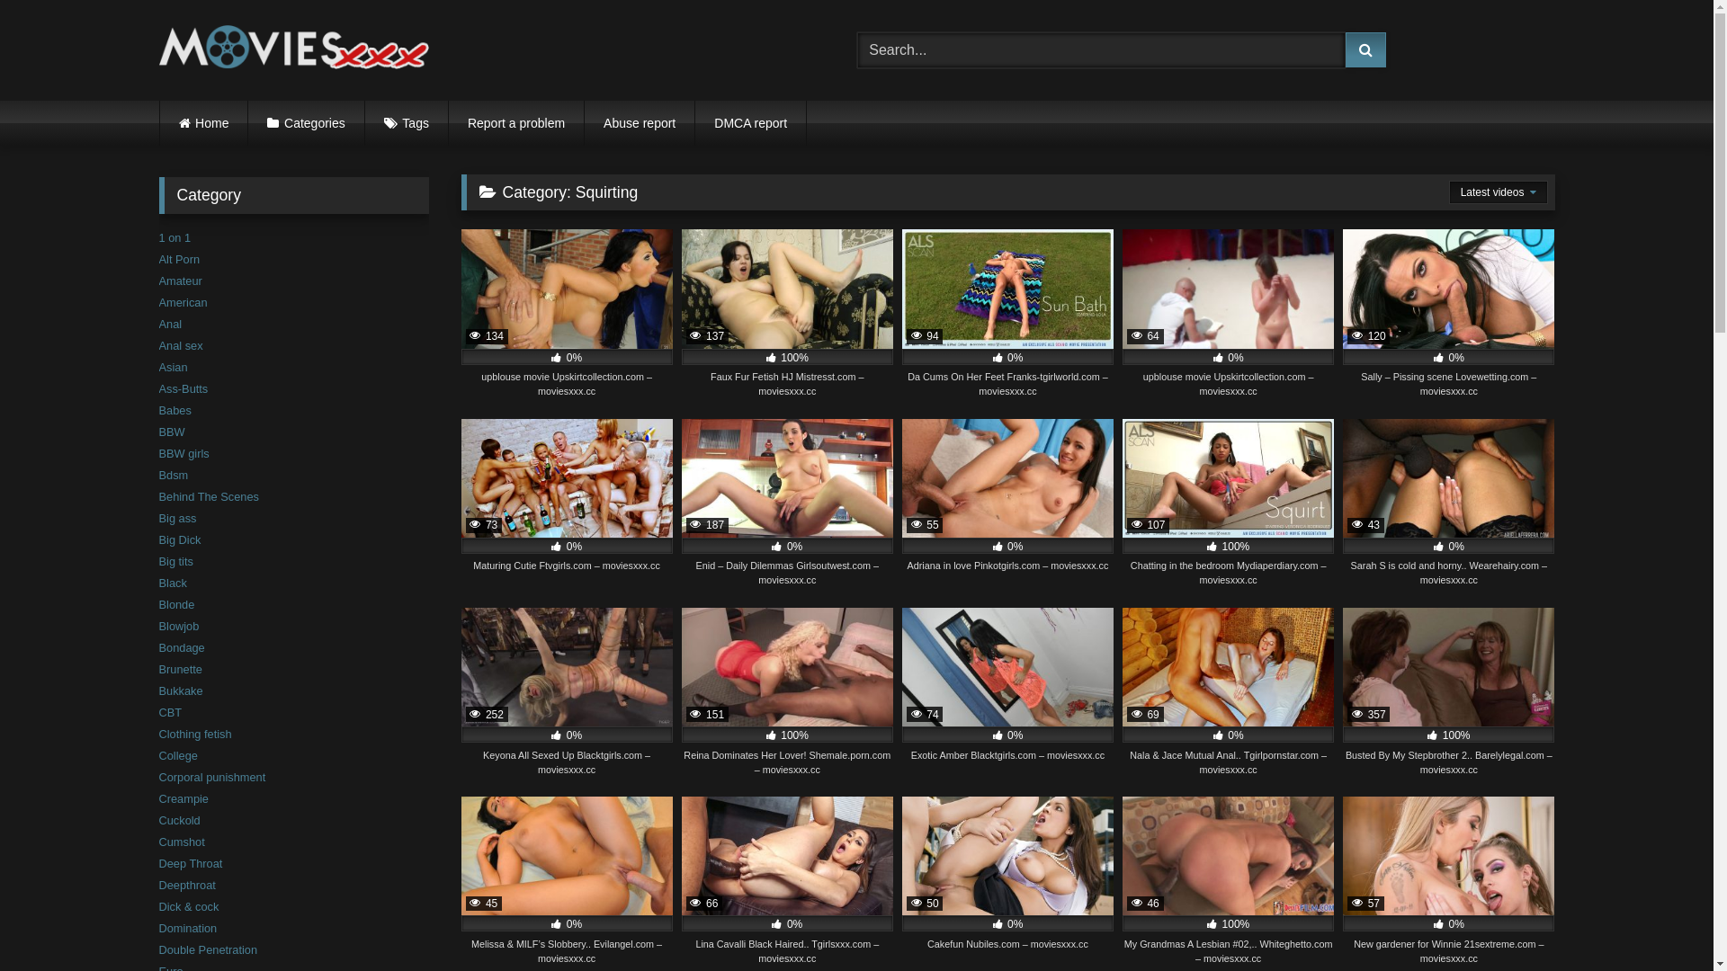  What do you see at coordinates (174, 236) in the screenshot?
I see `'1 on 1'` at bounding box center [174, 236].